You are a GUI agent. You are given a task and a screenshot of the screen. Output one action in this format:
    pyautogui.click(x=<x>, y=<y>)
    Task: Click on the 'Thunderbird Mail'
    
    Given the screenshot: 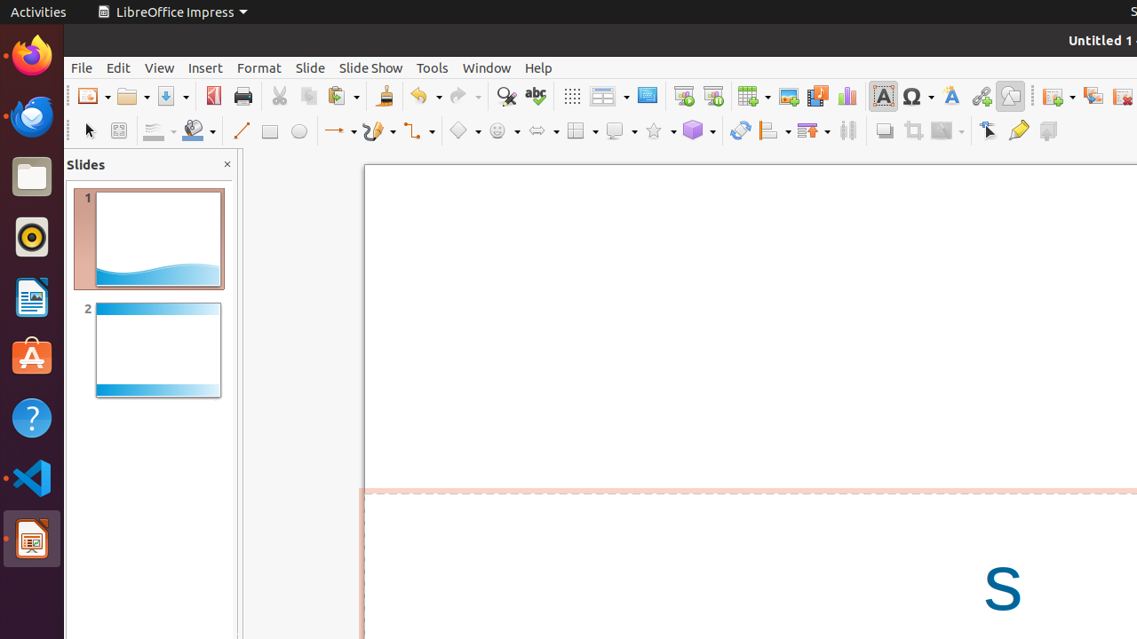 What is the action you would take?
    pyautogui.click(x=31, y=115)
    